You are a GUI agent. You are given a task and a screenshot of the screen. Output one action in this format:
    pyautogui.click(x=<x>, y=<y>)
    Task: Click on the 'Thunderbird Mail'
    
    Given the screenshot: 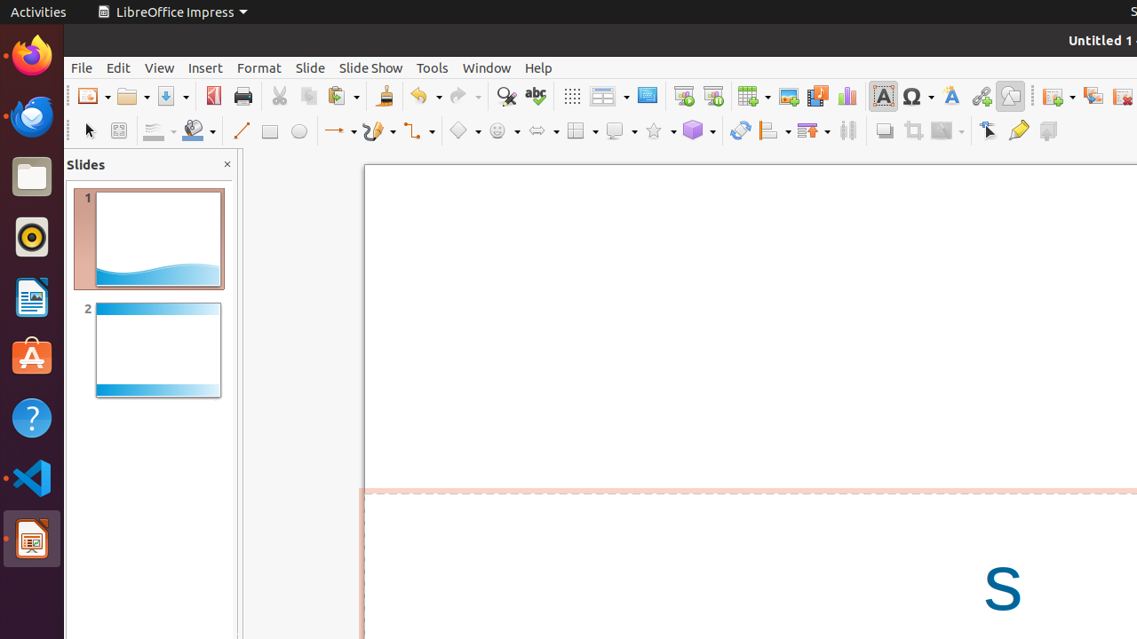 What is the action you would take?
    pyautogui.click(x=31, y=115)
    